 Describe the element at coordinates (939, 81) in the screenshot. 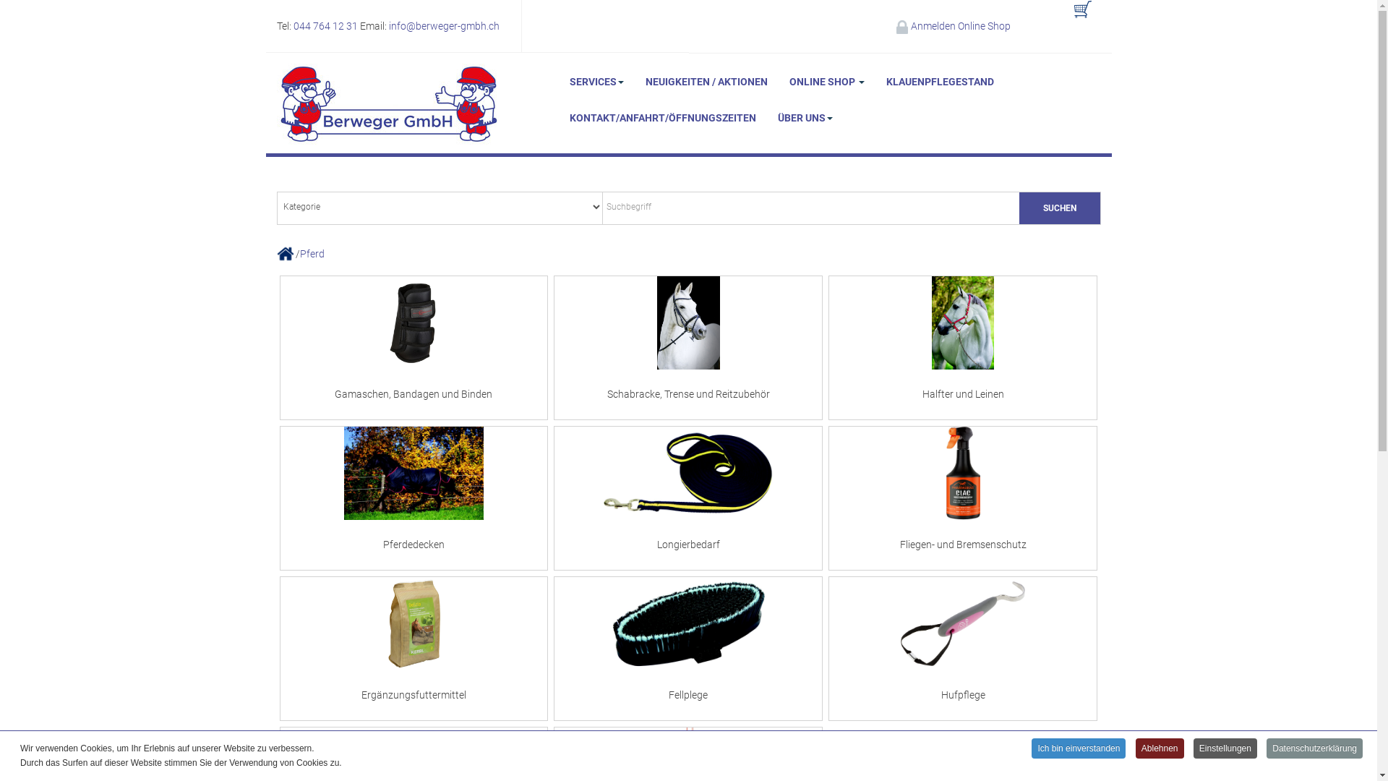

I see `'KLAUENPFLEGESTAND'` at that location.